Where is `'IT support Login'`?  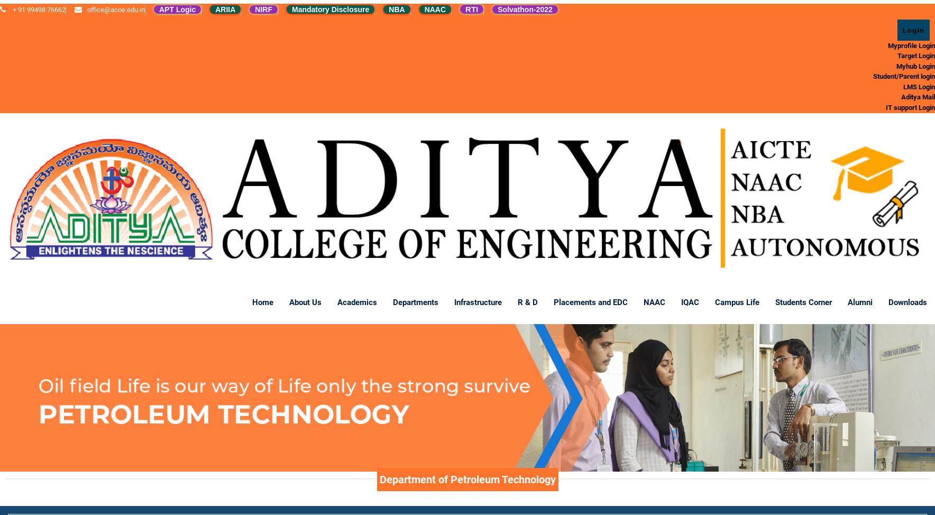 'IT support Login' is located at coordinates (910, 107).